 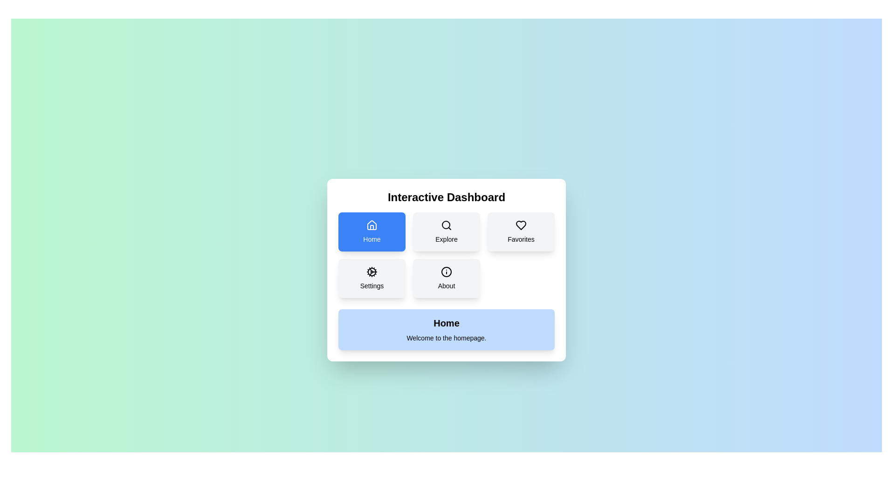 I want to click on the button corresponding to the section About, so click(x=446, y=278).